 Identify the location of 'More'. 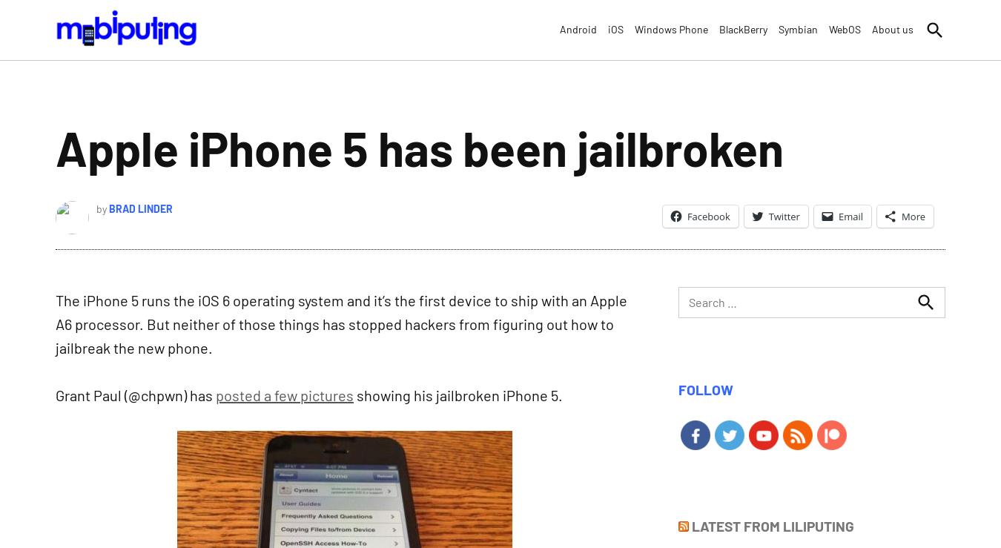
(900, 215).